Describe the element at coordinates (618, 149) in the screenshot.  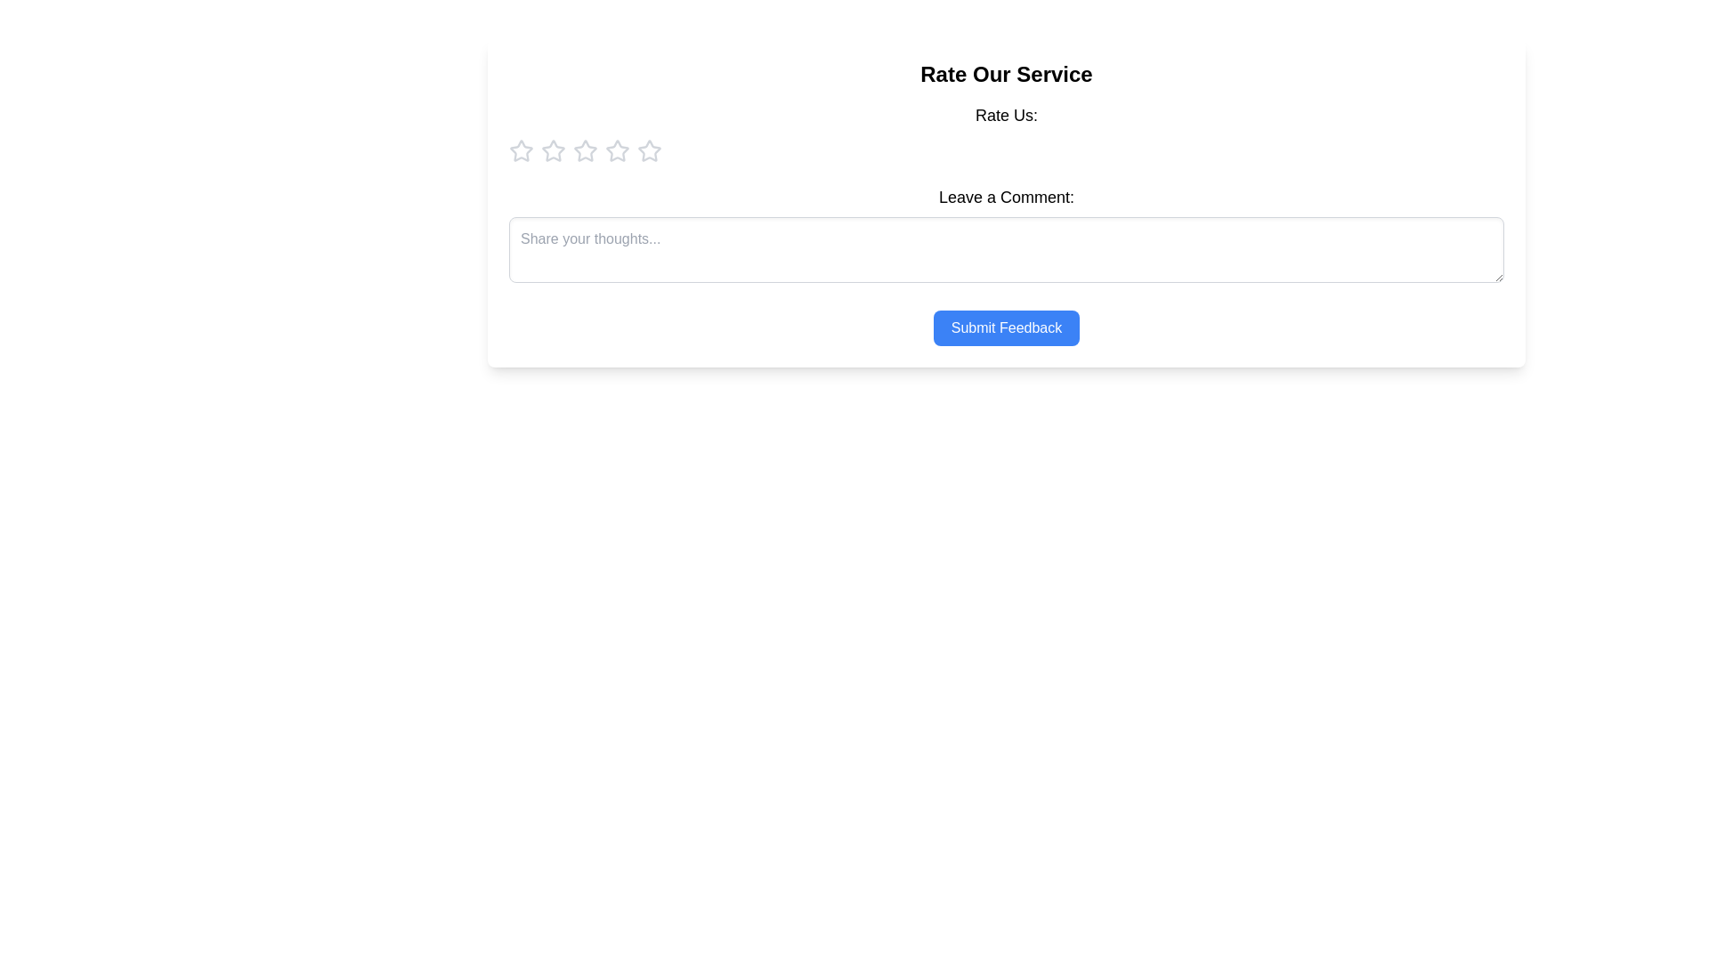
I see `the rating to 4 stars by clicking on the corresponding star` at that location.